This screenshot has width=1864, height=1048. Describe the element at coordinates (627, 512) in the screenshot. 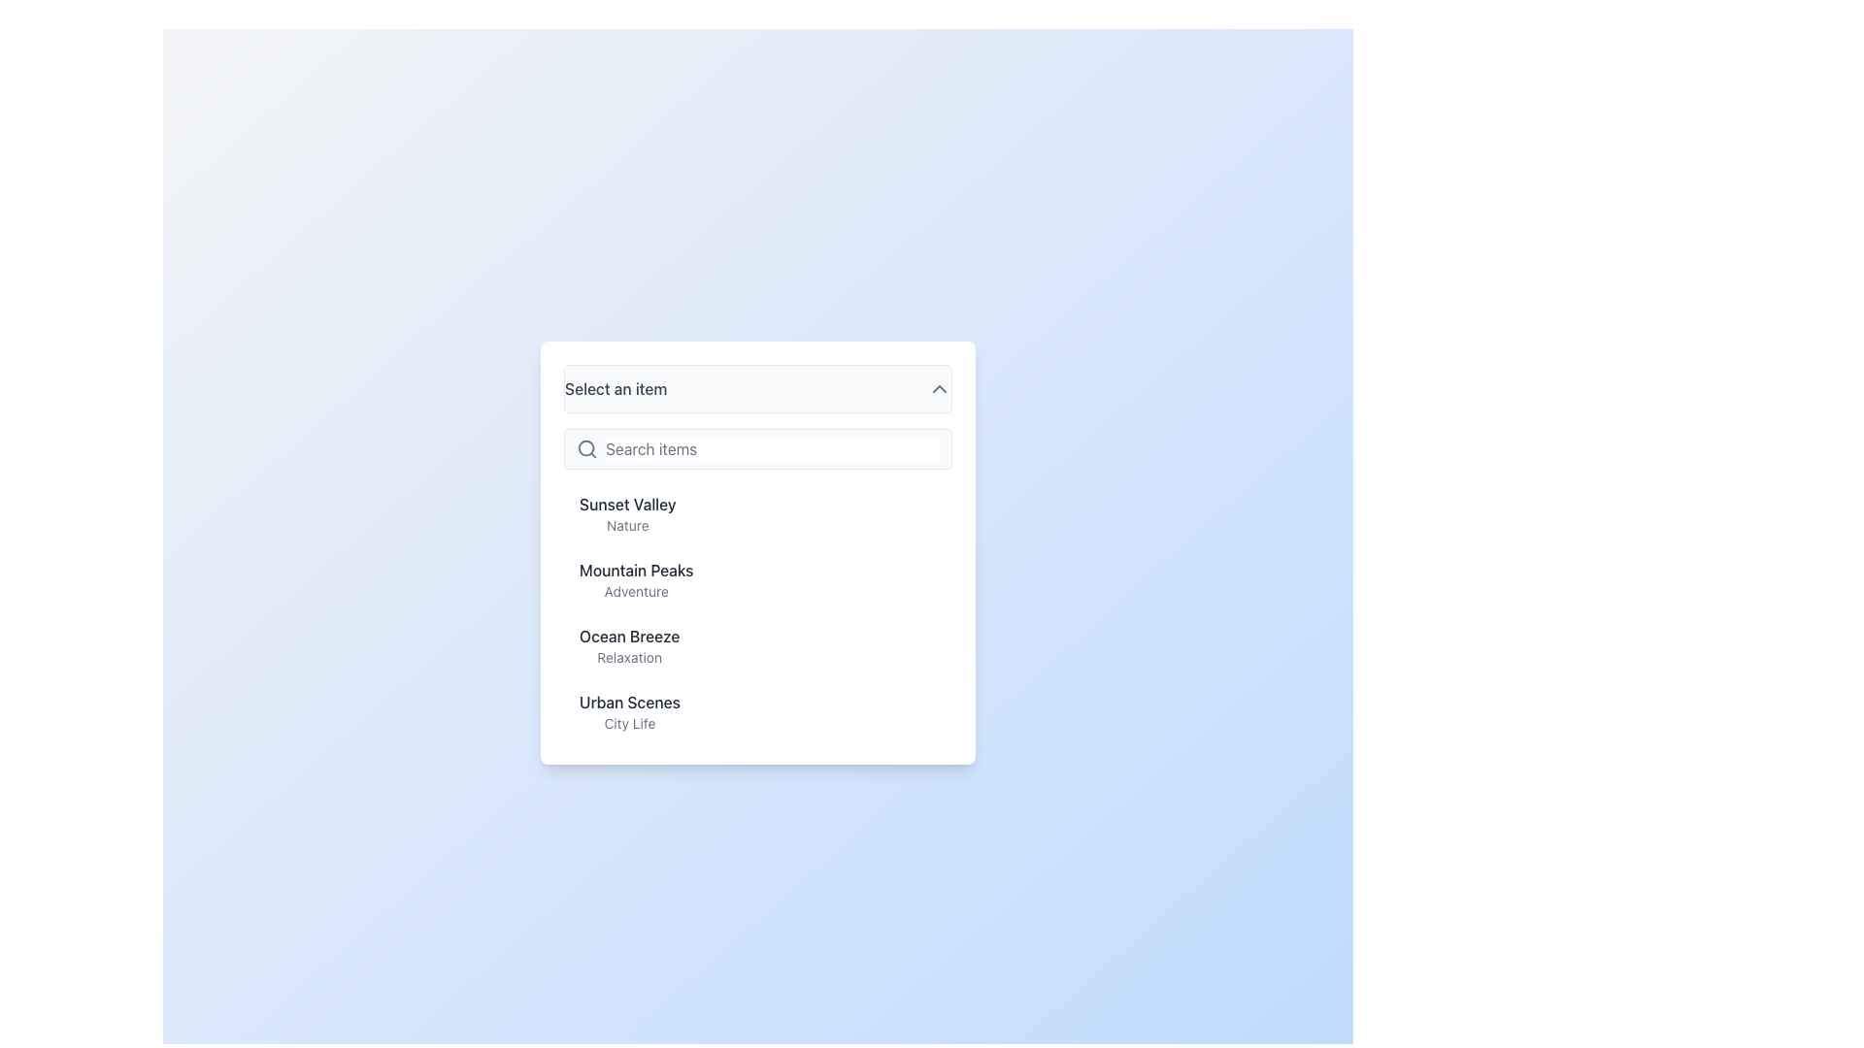

I see `the 'Sunset Valley' text block, which is the first item in the selectable list under the search bar` at that location.